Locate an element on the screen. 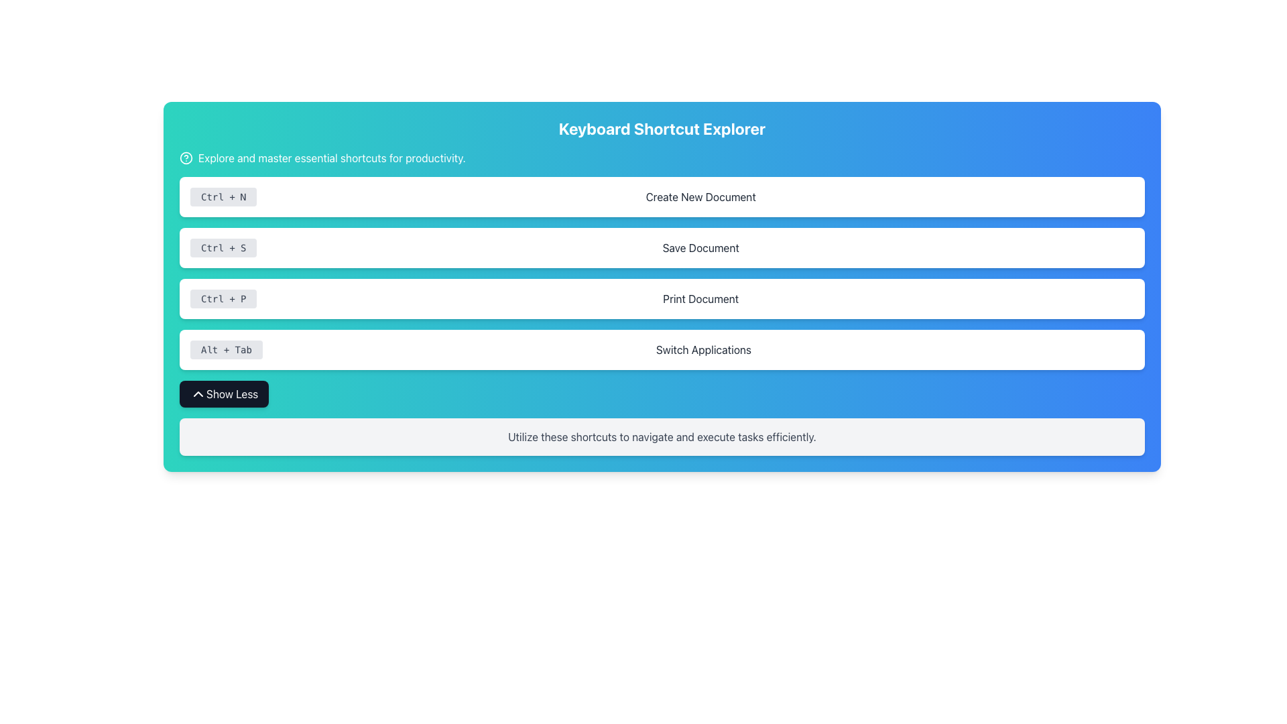 This screenshot has width=1287, height=724. the text label displaying the keyboard shortcut 'Alt + Tab', which is located in the fourth row of the shortcut list, left-aligned next to the 'Switch Applications' label is located at coordinates (226, 349).